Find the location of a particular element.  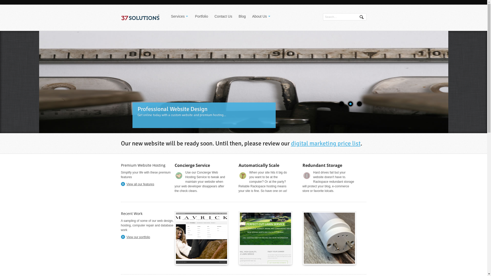

'About Us' is located at coordinates (261, 16).